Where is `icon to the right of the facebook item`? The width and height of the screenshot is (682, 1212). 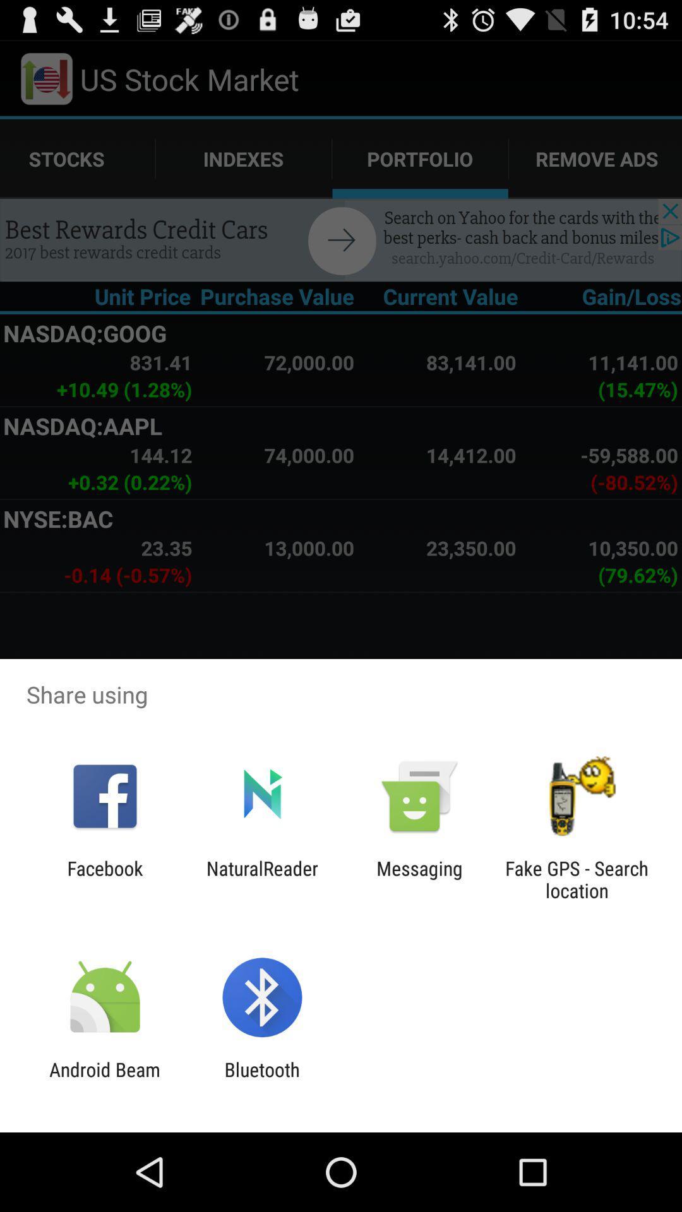 icon to the right of the facebook item is located at coordinates (261, 879).